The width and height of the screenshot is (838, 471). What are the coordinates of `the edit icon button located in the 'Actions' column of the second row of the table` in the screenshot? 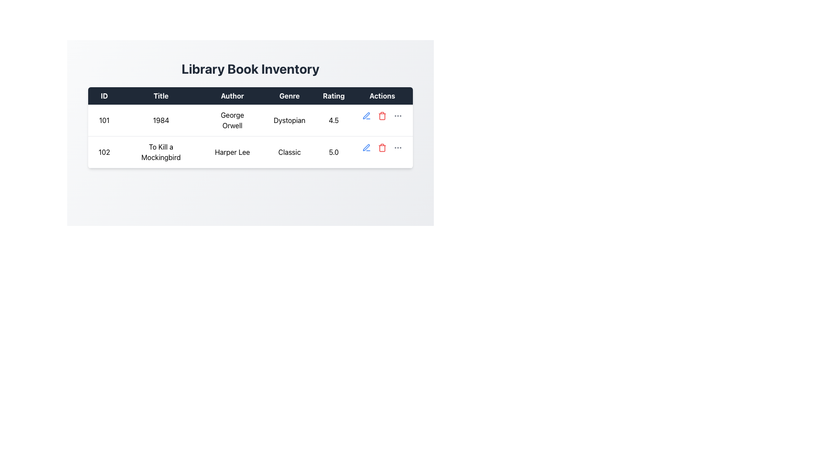 It's located at (367, 146).